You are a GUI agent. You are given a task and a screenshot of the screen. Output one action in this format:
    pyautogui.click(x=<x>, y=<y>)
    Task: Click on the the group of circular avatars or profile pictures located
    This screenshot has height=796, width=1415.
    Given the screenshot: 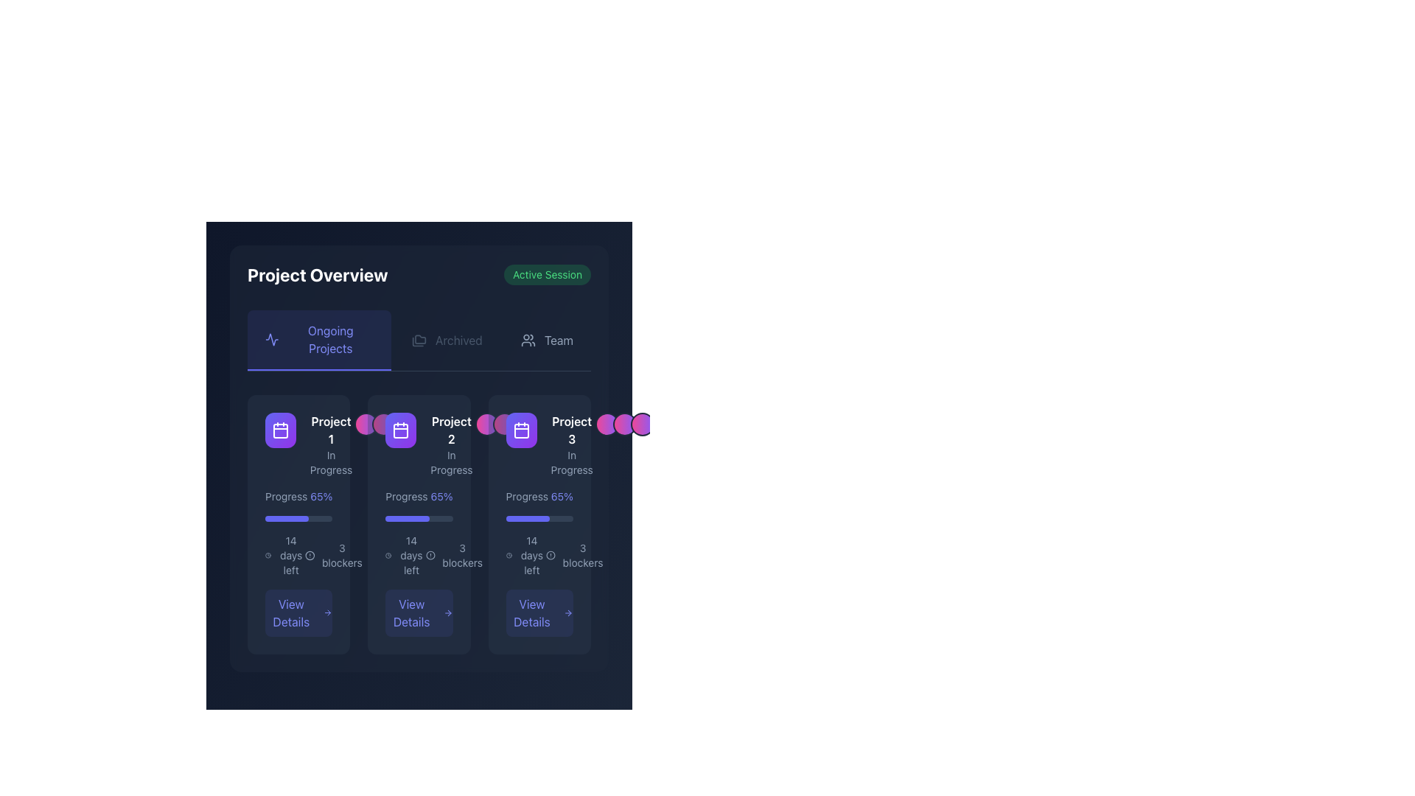 What is the action you would take?
    pyautogui.click(x=624, y=424)
    